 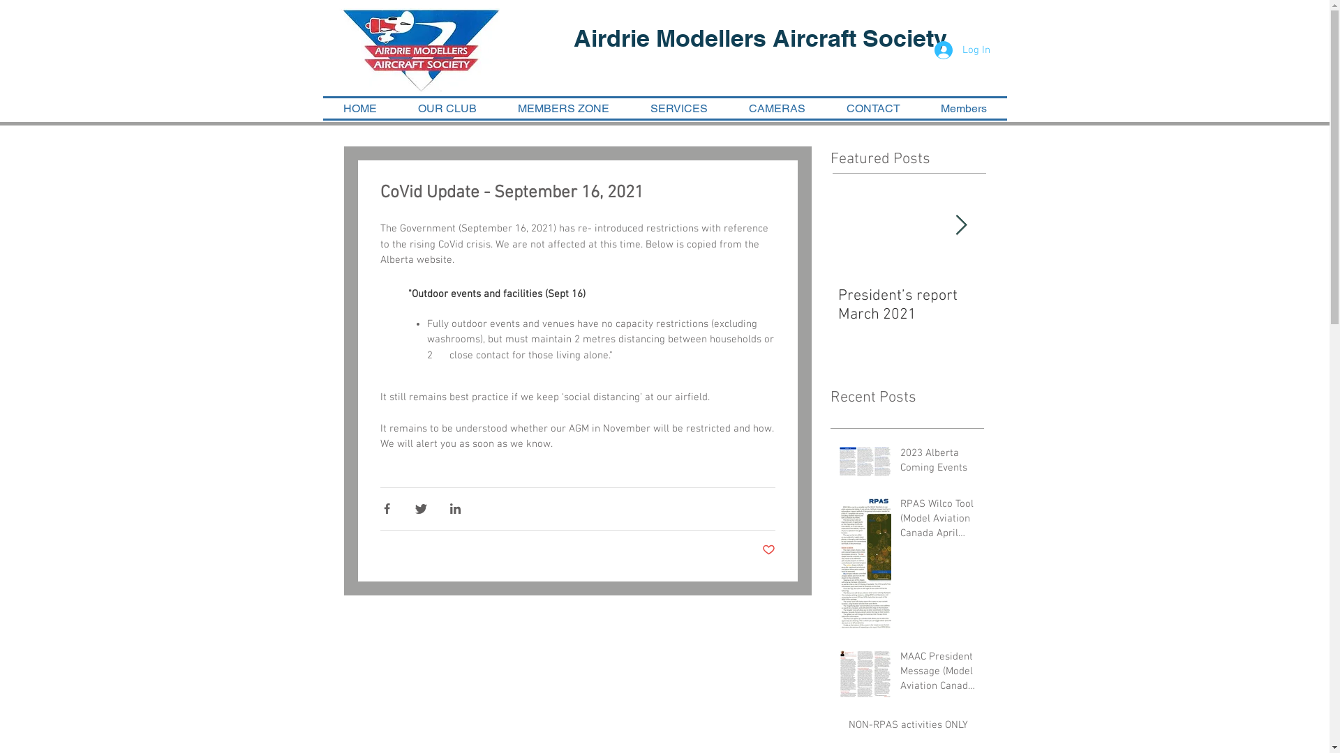 What do you see at coordinates (900, 674) in the screenshot?
I see `'MAAC President Message (Model Aviation Canada April 2023)'` at bounding box center [900, 674].